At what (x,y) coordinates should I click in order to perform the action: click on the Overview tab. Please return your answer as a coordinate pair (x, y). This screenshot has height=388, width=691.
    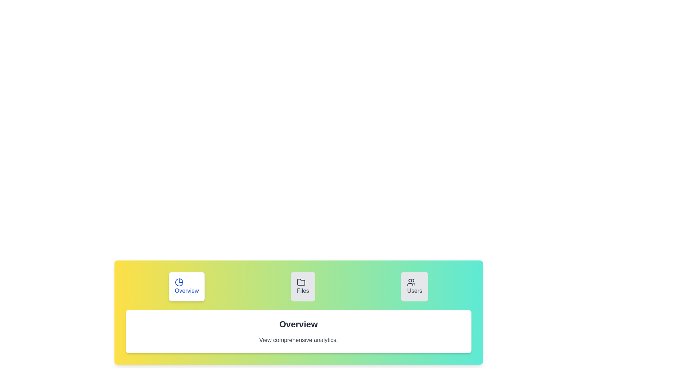
    Looking at the image, I should click on (187, 286).